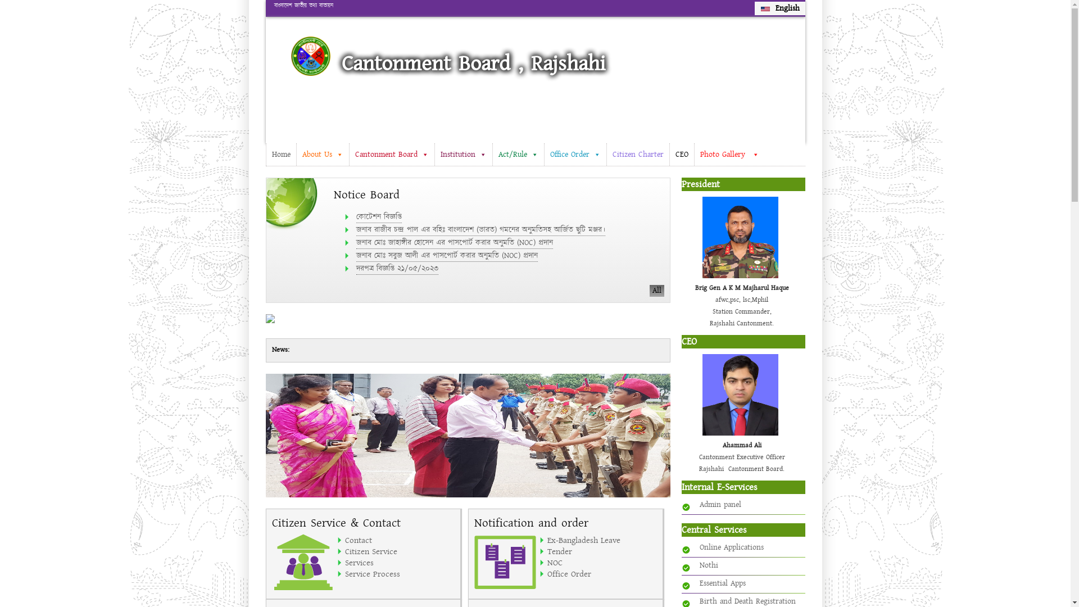 This screenshot has width=1079, height=607. What do you see at coordinates (601, 550) in the screenshot?
I see `'Tender'` at bounding box center [601, 550].